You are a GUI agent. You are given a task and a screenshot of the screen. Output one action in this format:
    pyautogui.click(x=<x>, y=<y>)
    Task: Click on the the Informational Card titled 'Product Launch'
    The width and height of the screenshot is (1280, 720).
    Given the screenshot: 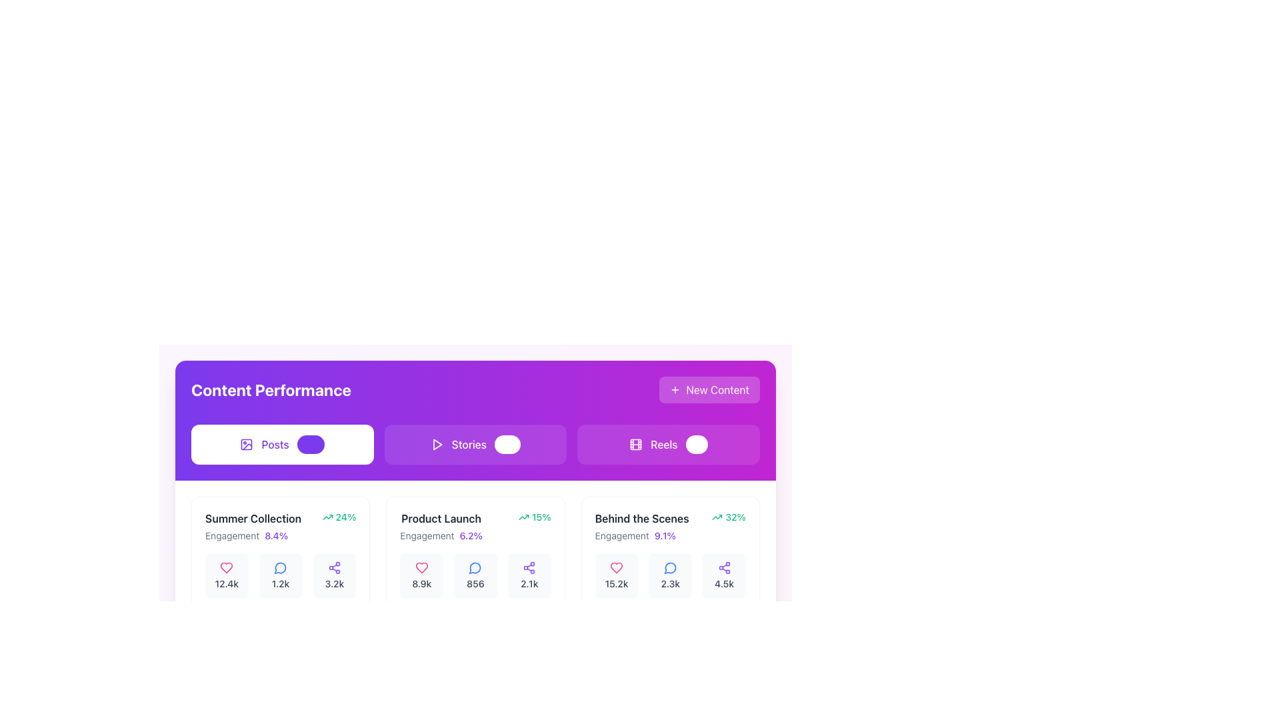 What is the action you would take?
    pyautogui.click(x=475, y=499)
    